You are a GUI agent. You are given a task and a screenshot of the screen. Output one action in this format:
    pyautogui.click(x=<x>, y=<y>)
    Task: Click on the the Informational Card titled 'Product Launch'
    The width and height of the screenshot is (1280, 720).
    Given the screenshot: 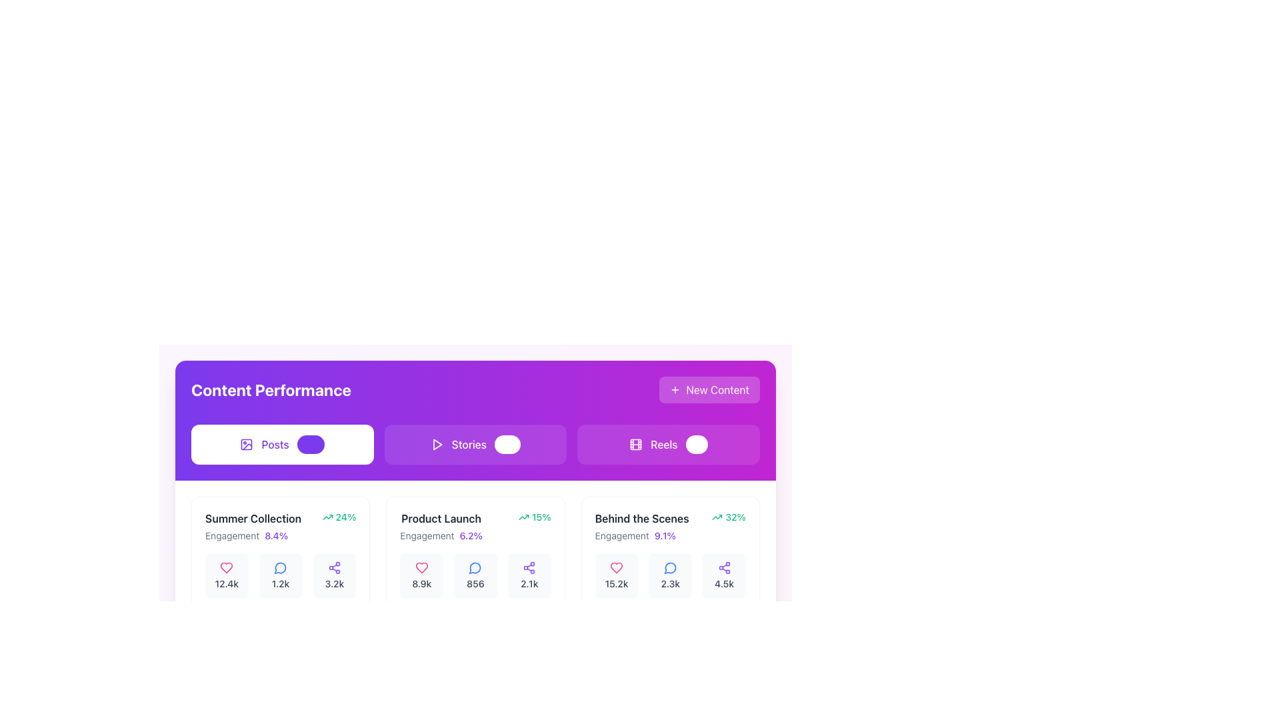 What is the action you would take?
    pyautogui.click(x=475, y=499)
    